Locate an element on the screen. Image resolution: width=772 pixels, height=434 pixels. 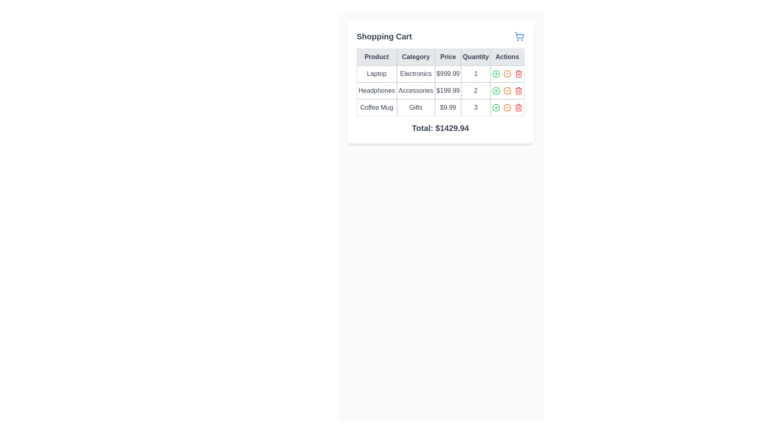
the Table Header Cell containing the text 'Product', which is styled with a light gray border and positioned at the top-left of the table, to the left of 'Category' is located at coordinates (376, 57).